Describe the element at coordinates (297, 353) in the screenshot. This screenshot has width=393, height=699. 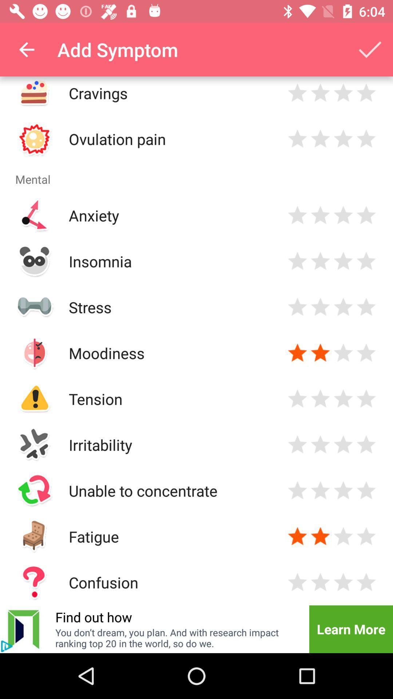
I see `rate 1 star` at that location.